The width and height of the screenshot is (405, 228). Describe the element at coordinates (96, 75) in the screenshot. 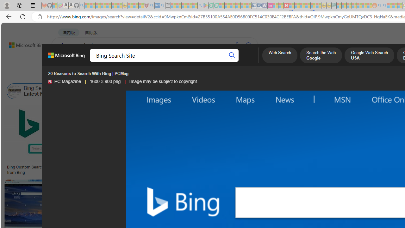

I see `'Color'` at that location.